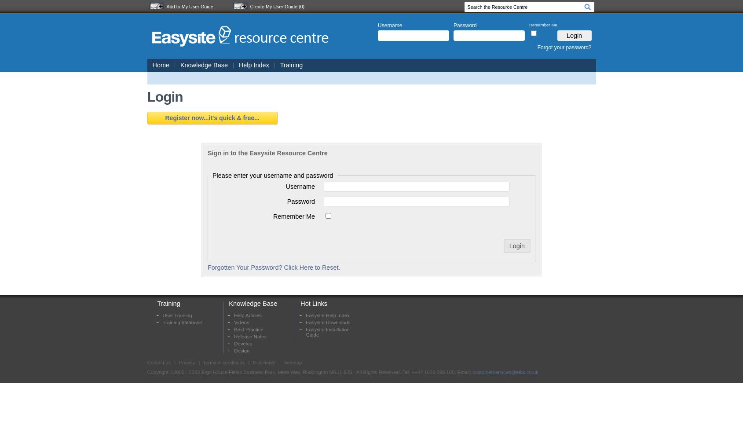 Image resolution: width=743 pixels, height=440 pixels. I want to click on 'Sitemap', so click(293, 362).